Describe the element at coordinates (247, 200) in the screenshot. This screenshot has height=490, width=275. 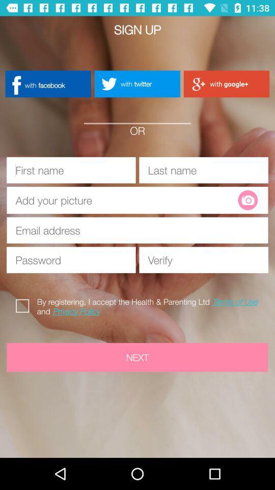
I see `take or upload a photo` at that location.